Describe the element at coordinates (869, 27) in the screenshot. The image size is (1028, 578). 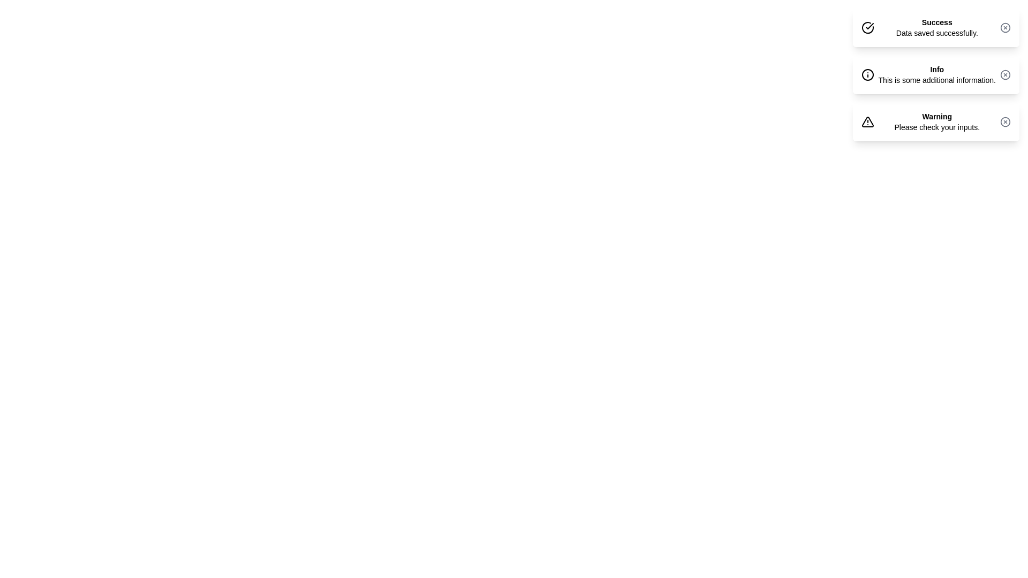
I see `the circular icon with a checkmark inside the 'Success' notification card located at the top of the notification stack` at that location.